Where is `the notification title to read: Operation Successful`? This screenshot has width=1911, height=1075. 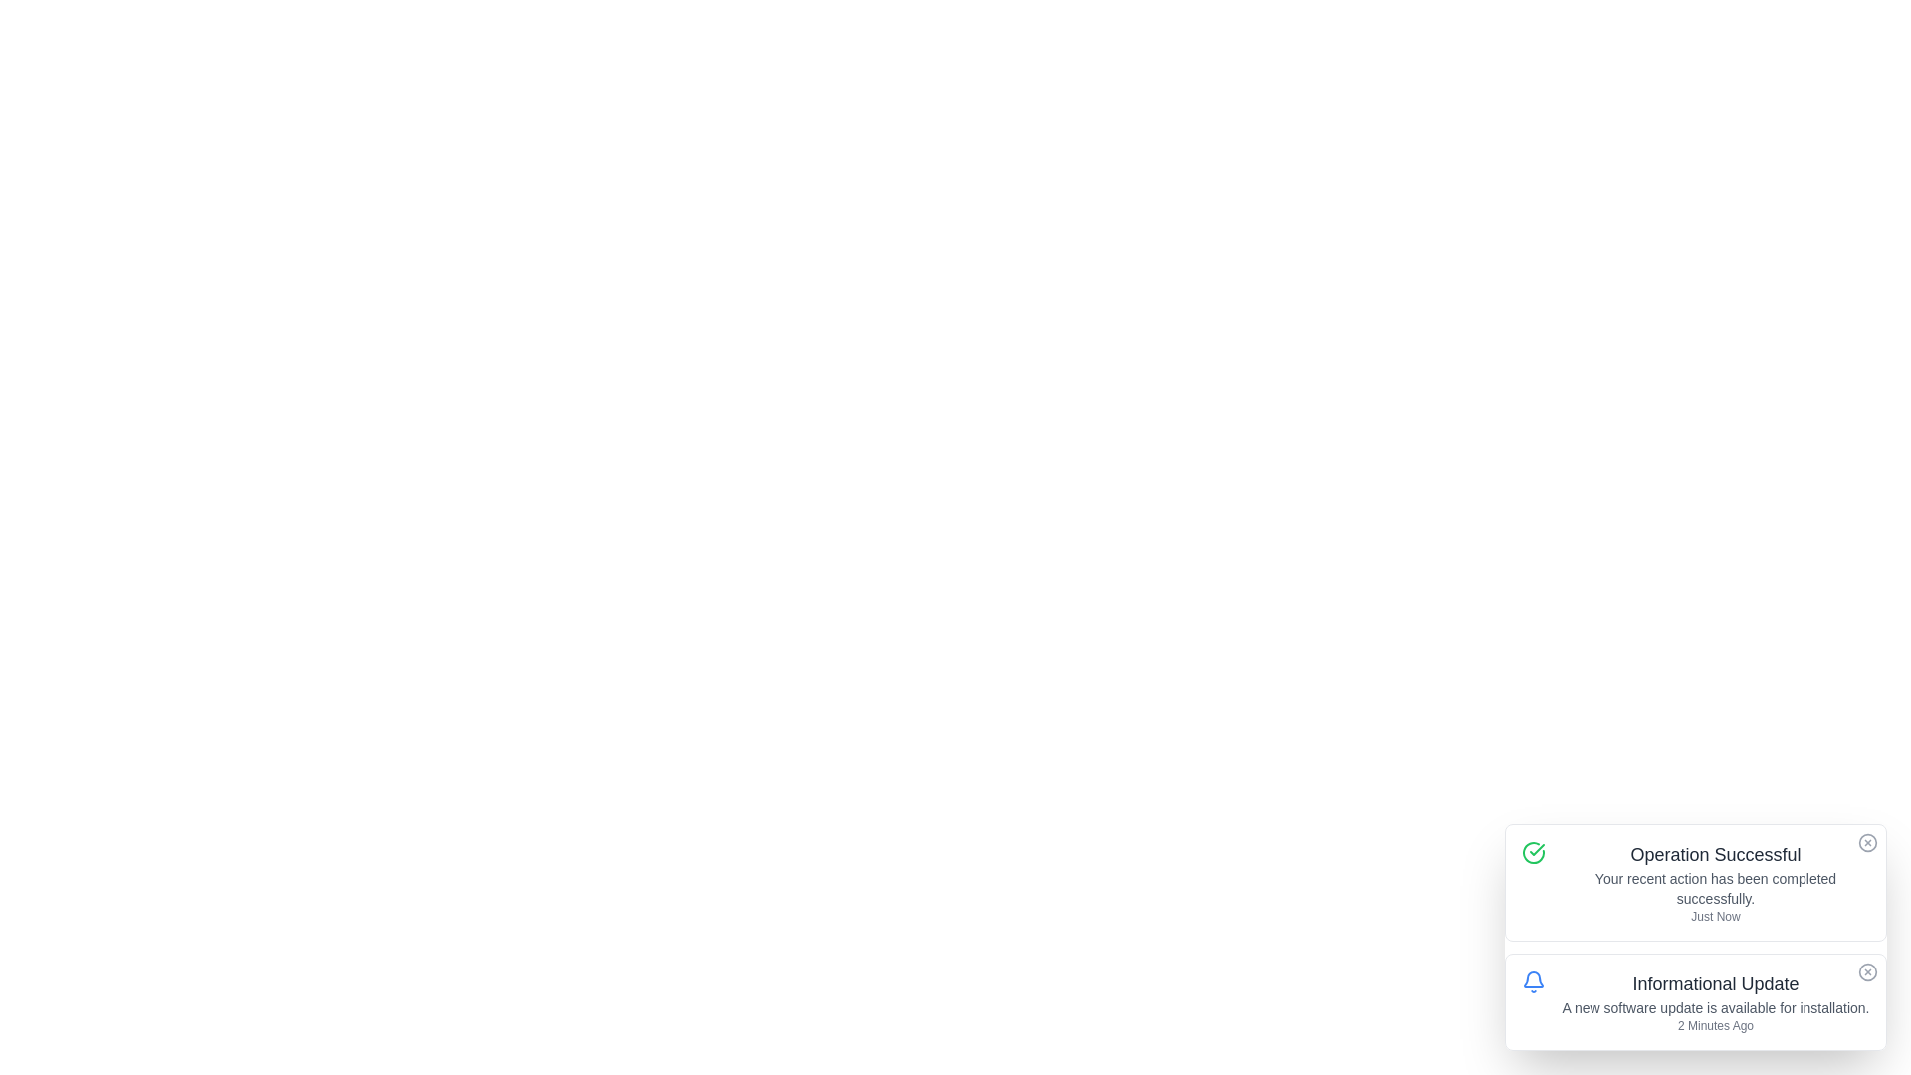 the notification title to read: Operation Successful is located at coordinates (1714, 854).